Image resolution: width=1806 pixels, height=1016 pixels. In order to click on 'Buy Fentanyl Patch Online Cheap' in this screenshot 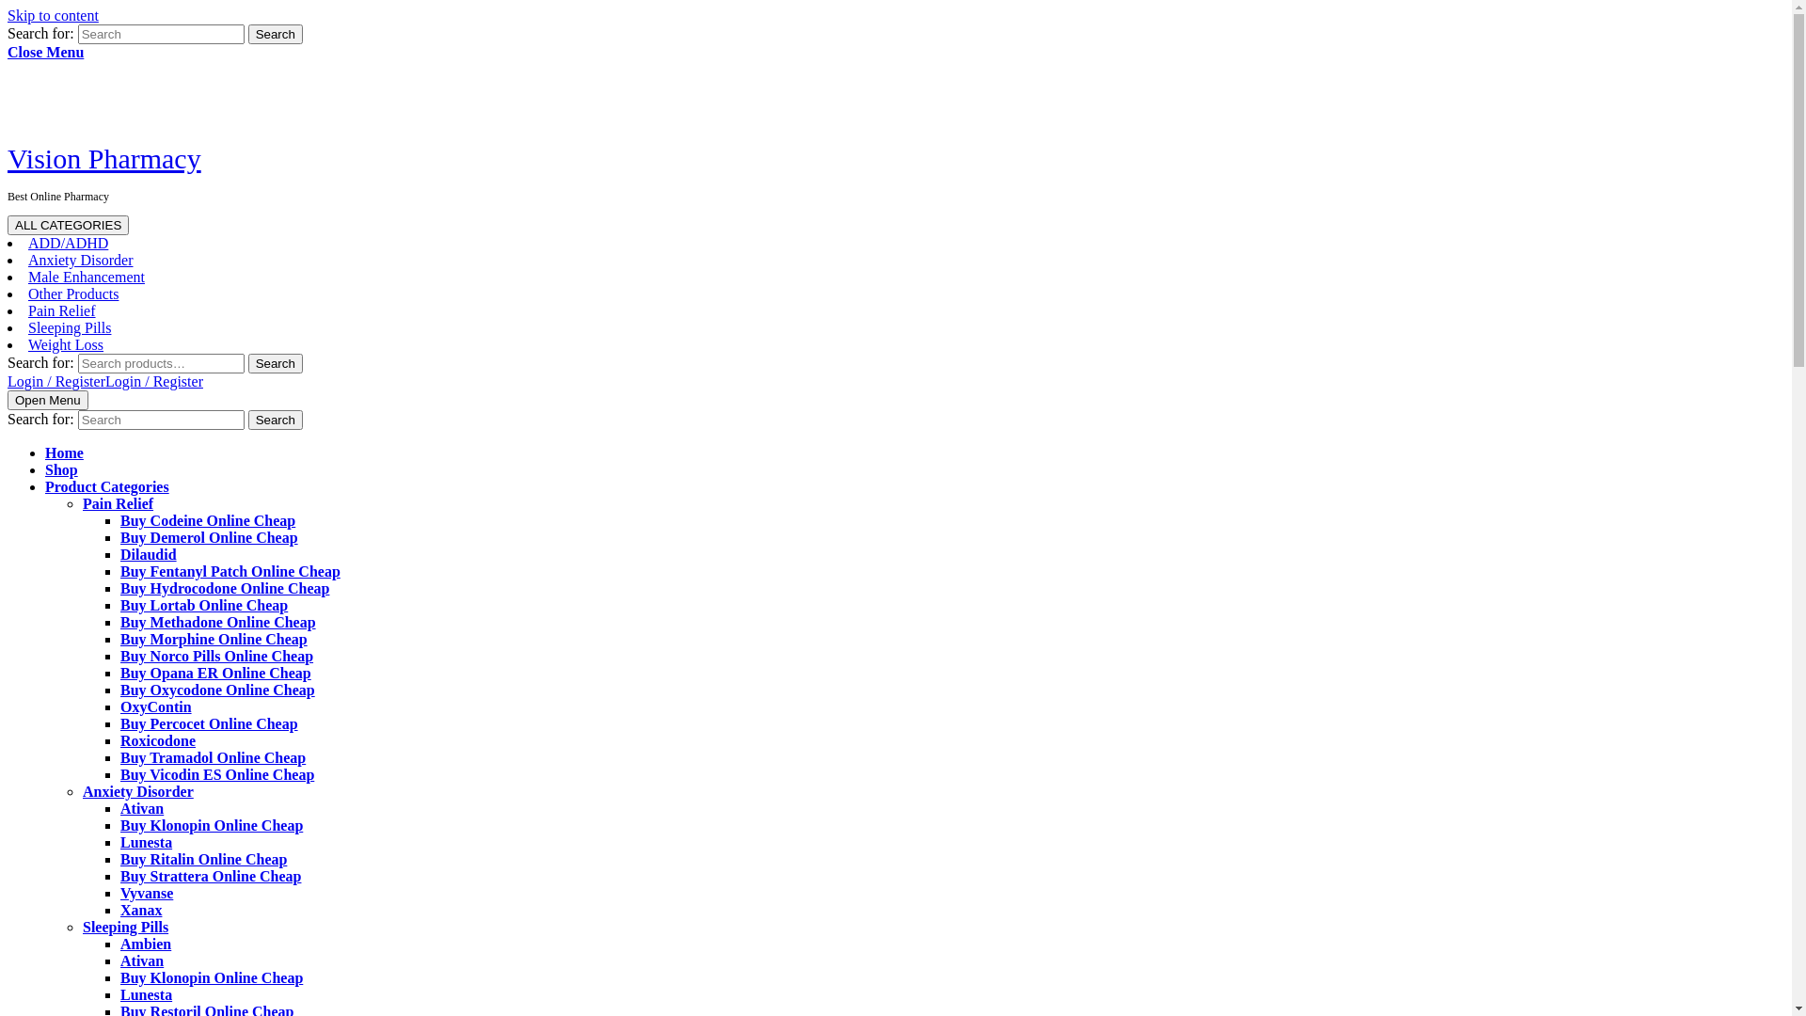, I will do `click(229, 570)`.